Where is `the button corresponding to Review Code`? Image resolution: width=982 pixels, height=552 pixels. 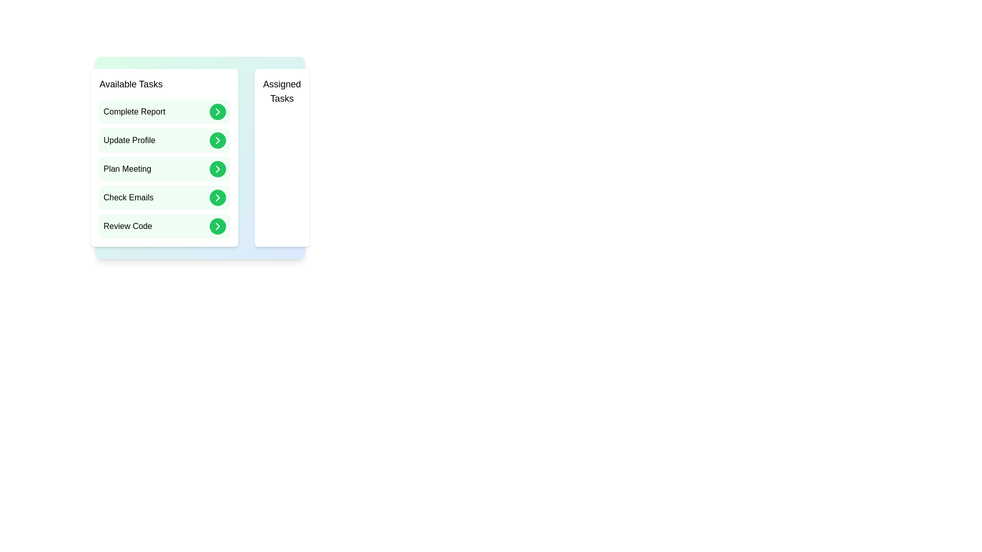
the button corresponding to Review Code is located at coordinates (217, 226).